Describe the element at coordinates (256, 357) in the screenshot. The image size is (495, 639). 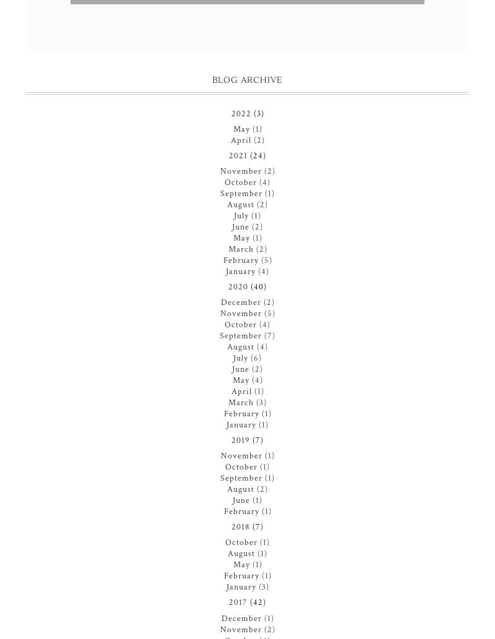
I see `'(6)'` at that location.